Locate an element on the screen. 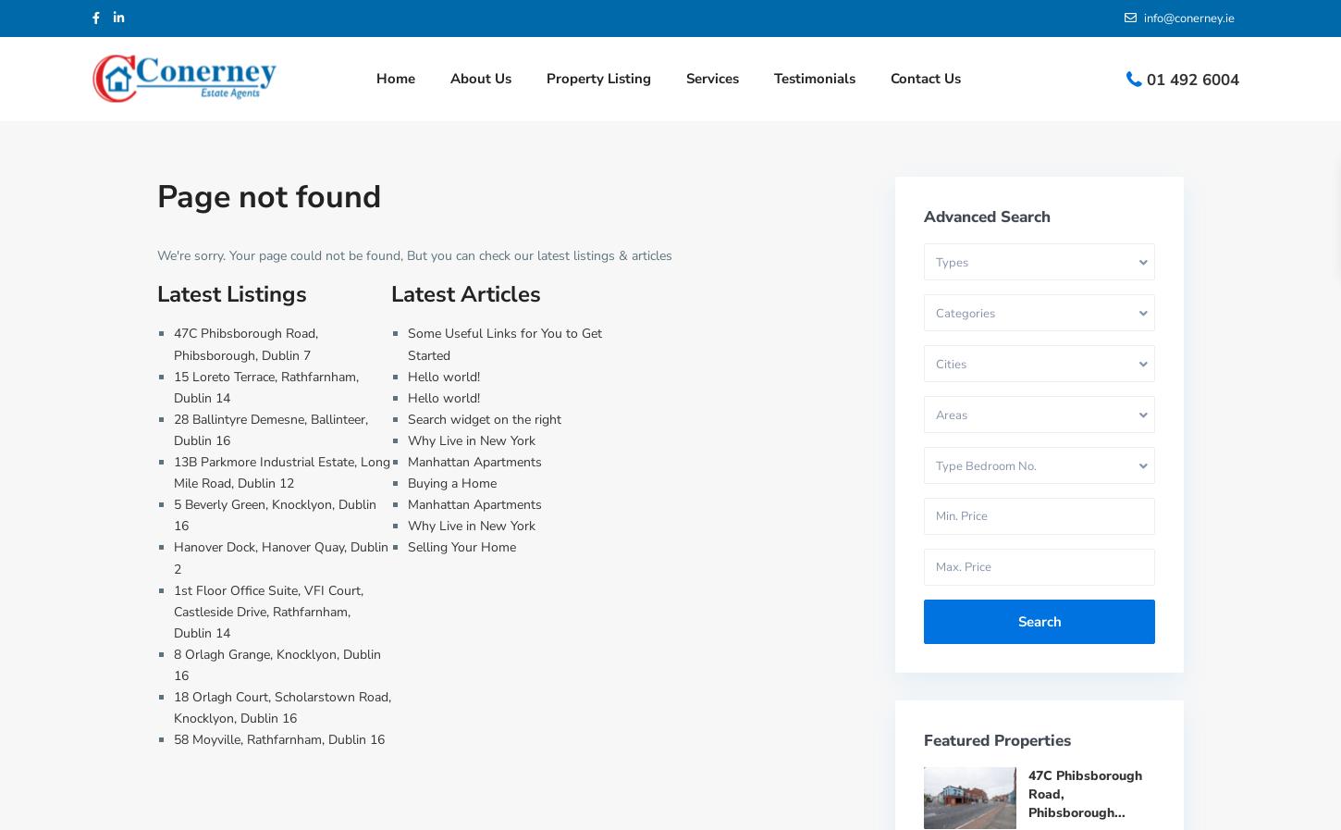 The width and height of the screenshot is (1341, 830). 'We're sorry. Your page could not be found, But you can check our latest listings & articles' is located at coordinates (413, 254).